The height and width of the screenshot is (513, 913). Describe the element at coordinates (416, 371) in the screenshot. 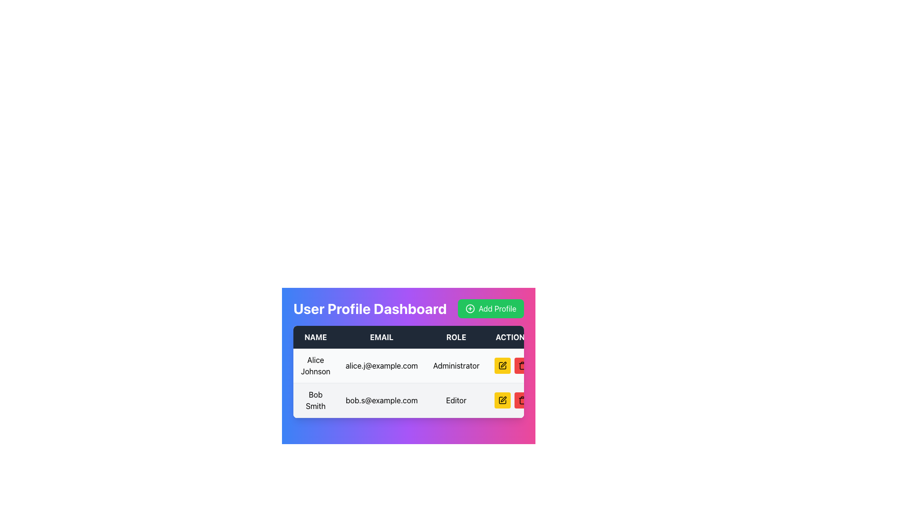

I see `the structured table displaying user information, specifically on the columns labeled 'Name', 'Email', 'Role', and 'Actions'` at that location.